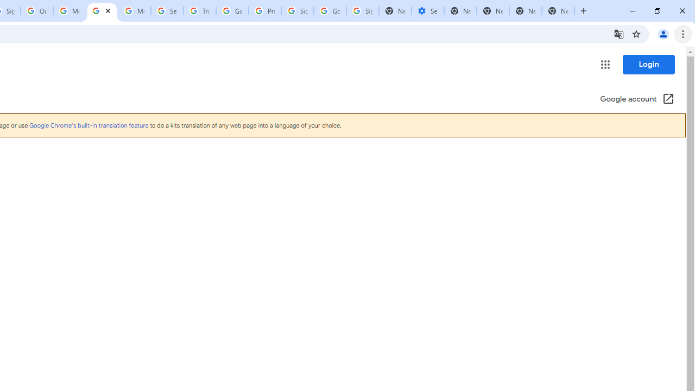 This screenshot has width=695, height=391. What do you see at coordinates (558, 11) in the screenshot?
I see `'New Tab'` at bounding box center [558, 11].